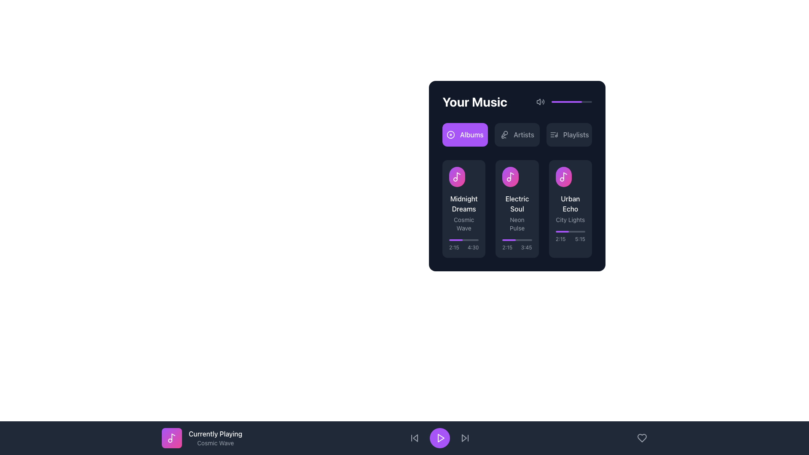 This screenshot has height=455, width=809. What do you see at coordinates (450, 134) in the screenshot?
I see `the SVG circle graphic, which is a circular shape with a radius of approximately 10 units, located within a larger button-like icon to the left of the 'Albums' button in the header section of the 'Your Music' panel` at bounding box center [450, 134].